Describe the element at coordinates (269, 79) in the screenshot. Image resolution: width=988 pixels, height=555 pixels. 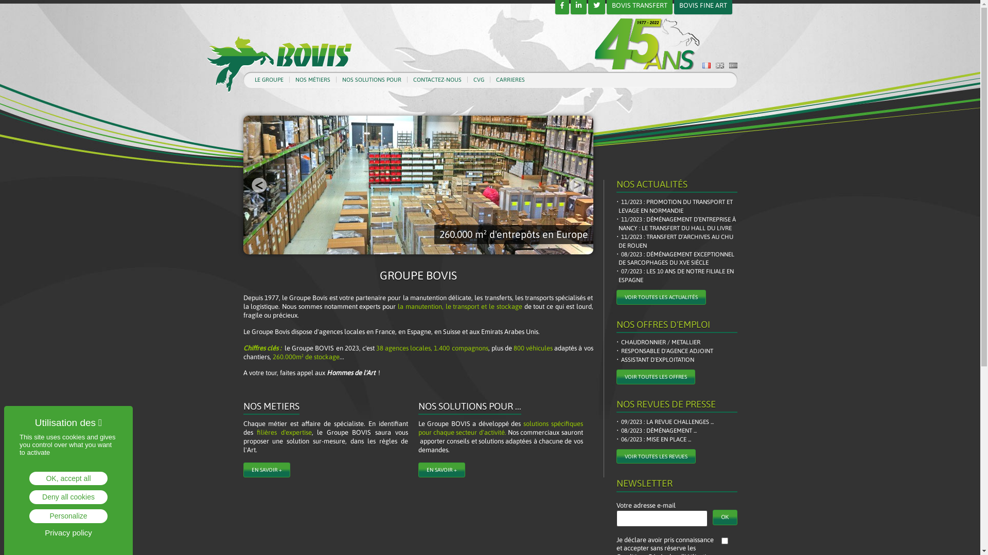
I see `'LE GROUPE'` at that location.